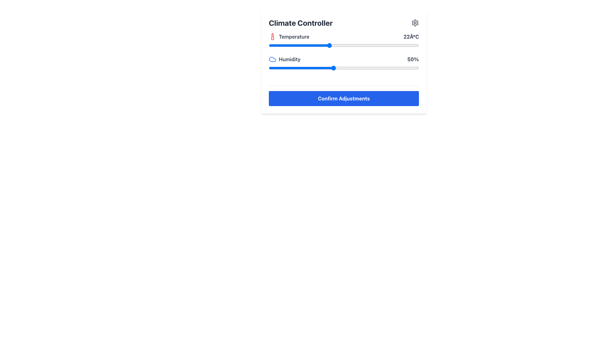  What do you see at coordinates (415, 23) in the screenshot?
I see `the settings icon located in the top-right corner of the 'Climate Controller' card` at bounding box center [415, 23].